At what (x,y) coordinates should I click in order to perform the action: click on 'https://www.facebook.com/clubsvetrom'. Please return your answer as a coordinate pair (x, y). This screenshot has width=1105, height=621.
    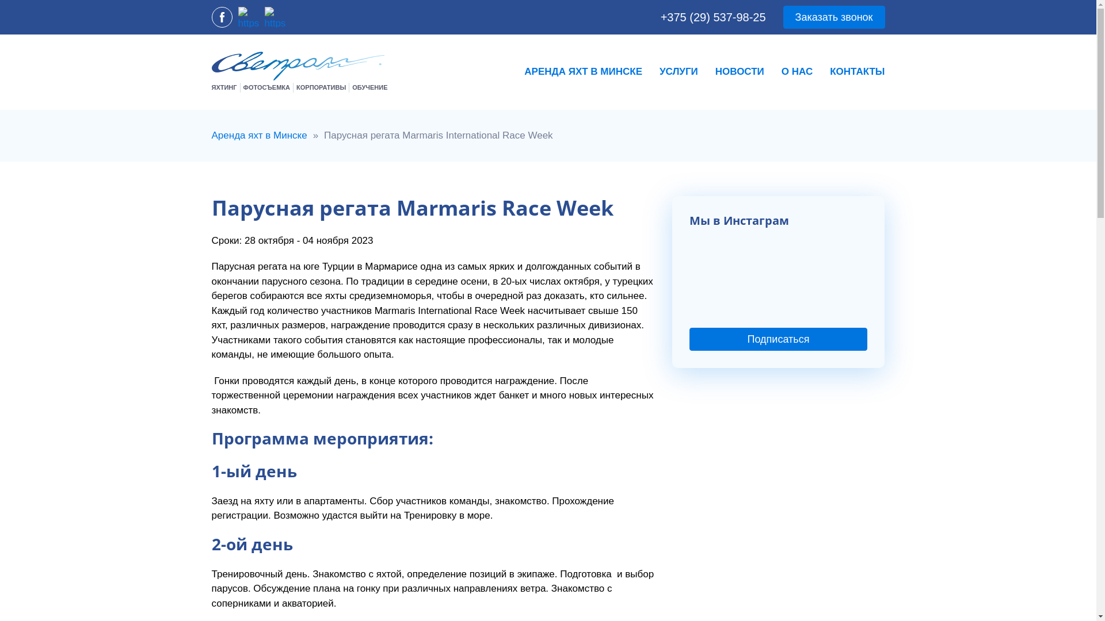
    Looking at the image, I should click on (222, 17).